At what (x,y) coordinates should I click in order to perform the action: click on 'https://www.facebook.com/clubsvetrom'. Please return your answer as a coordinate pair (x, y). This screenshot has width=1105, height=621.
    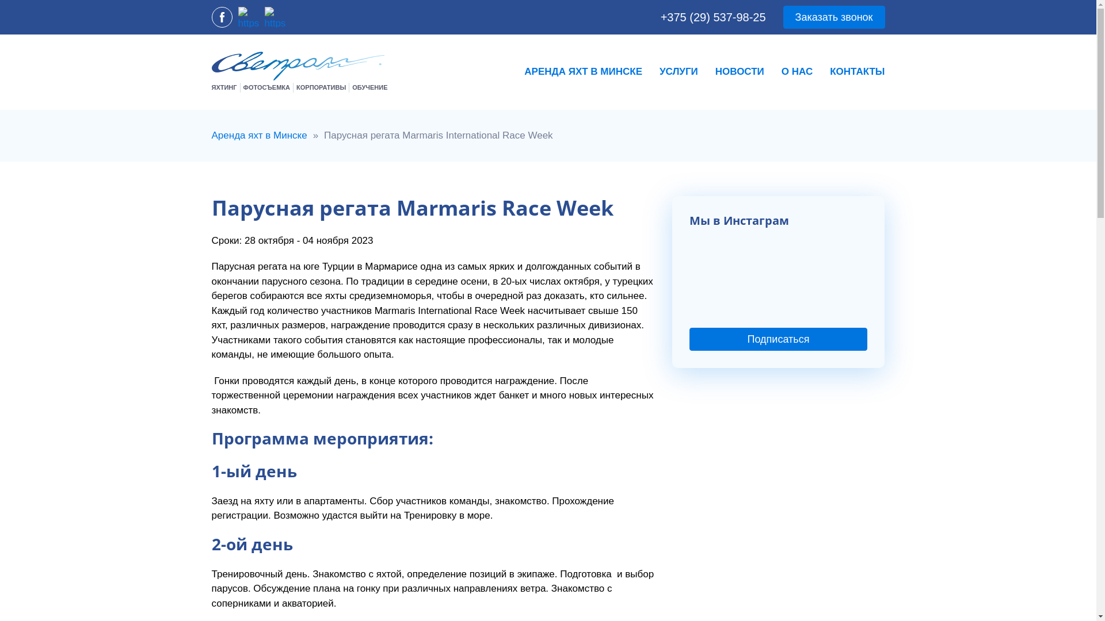
    Looking at the image, I should click on (222, 17).